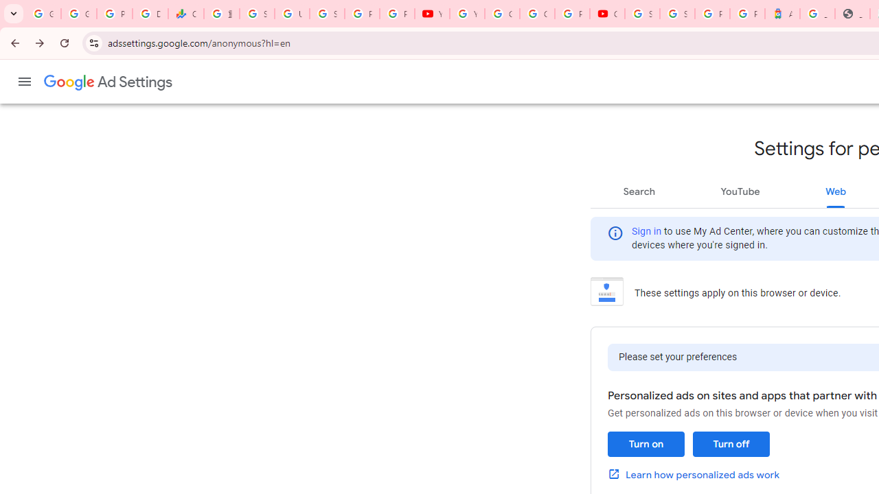 This screenshot has width=879, height=494. Describe the element at coordinates (396, 14) in the screenshot. I see `'Privacy Checkup'` at that location.